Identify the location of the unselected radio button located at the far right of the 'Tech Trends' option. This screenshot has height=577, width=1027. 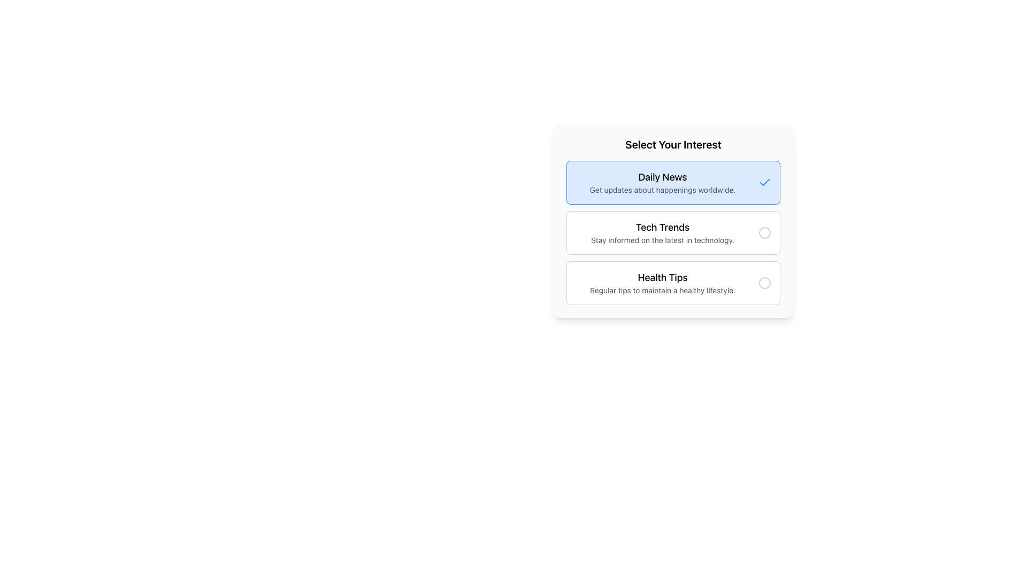
(764, 232).